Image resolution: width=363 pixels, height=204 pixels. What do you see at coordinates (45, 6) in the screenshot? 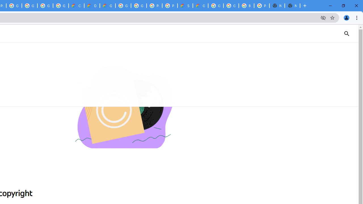
I see `'Google Workspace - Specific Terms'` at bounding box center [45, 6].